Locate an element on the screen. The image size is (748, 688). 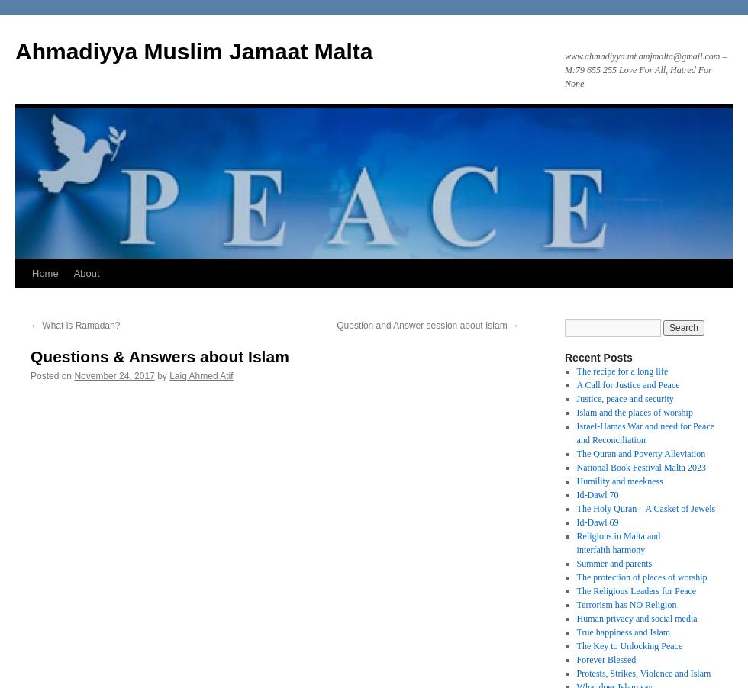
'What is Ramadan?' is located at coordinates (79, 326).